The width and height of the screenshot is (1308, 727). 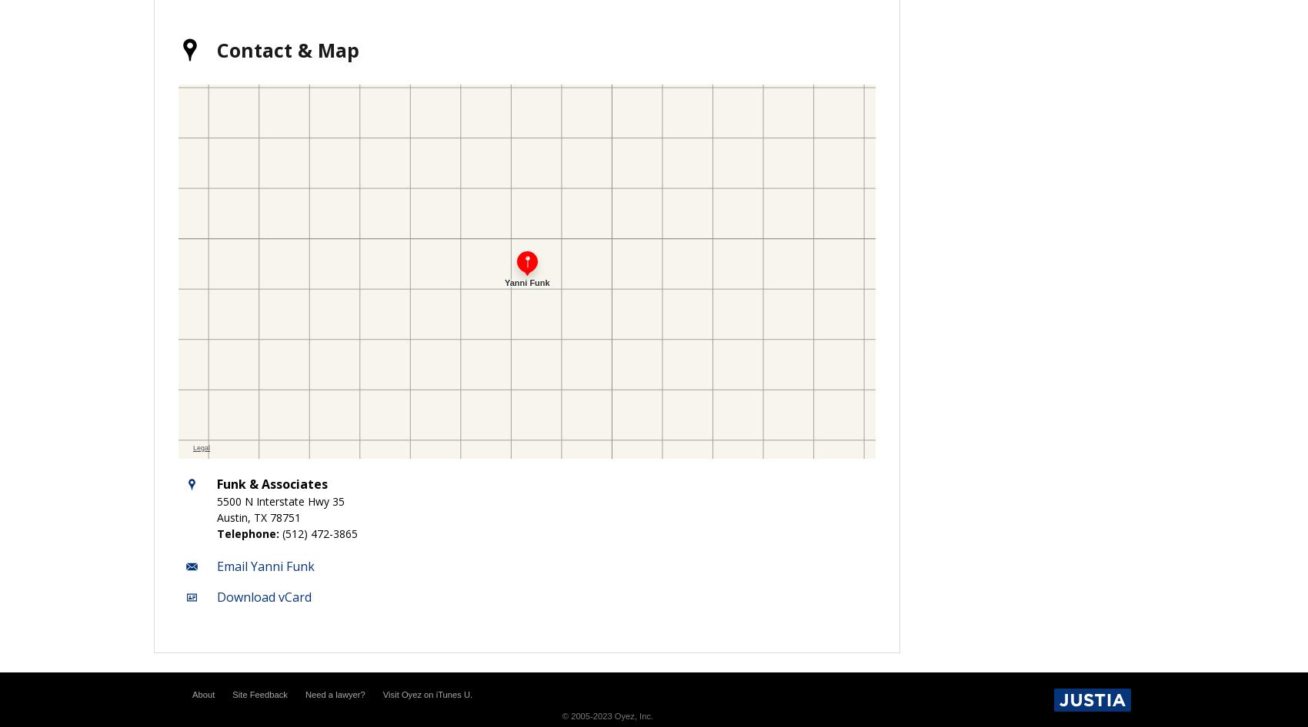 I want to click on 'Austin', so click(x=232, y=516).